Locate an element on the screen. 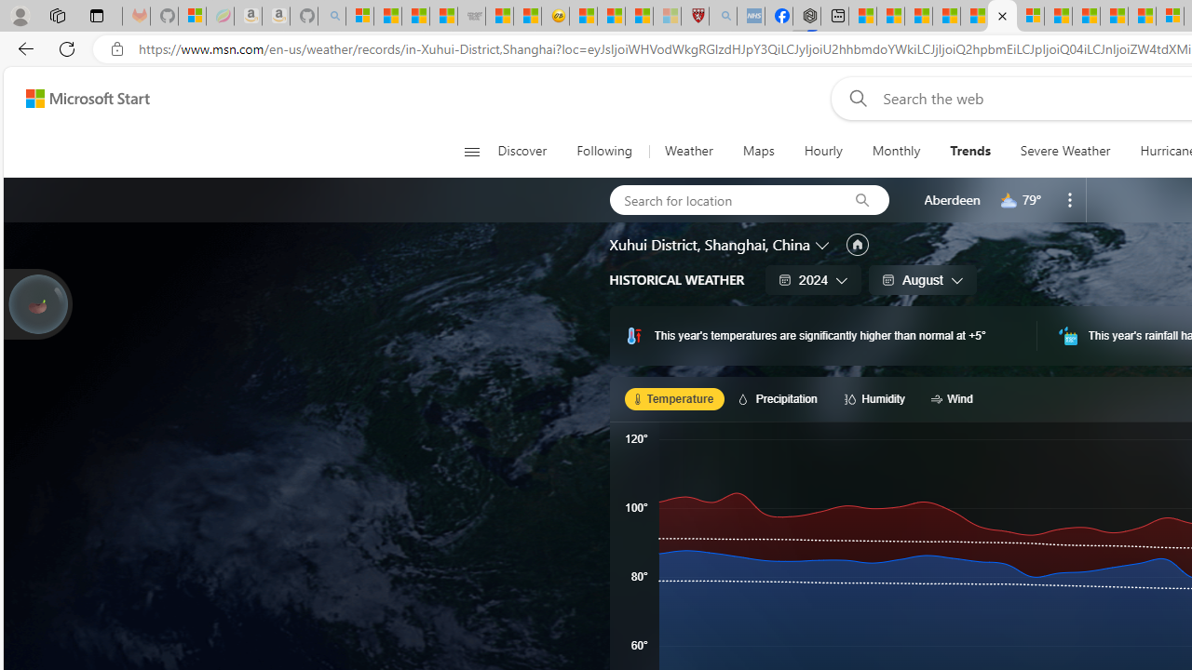 The width and height of the screenshot is (1192, 670). 'Maps' is located at coordinates (758, 151).